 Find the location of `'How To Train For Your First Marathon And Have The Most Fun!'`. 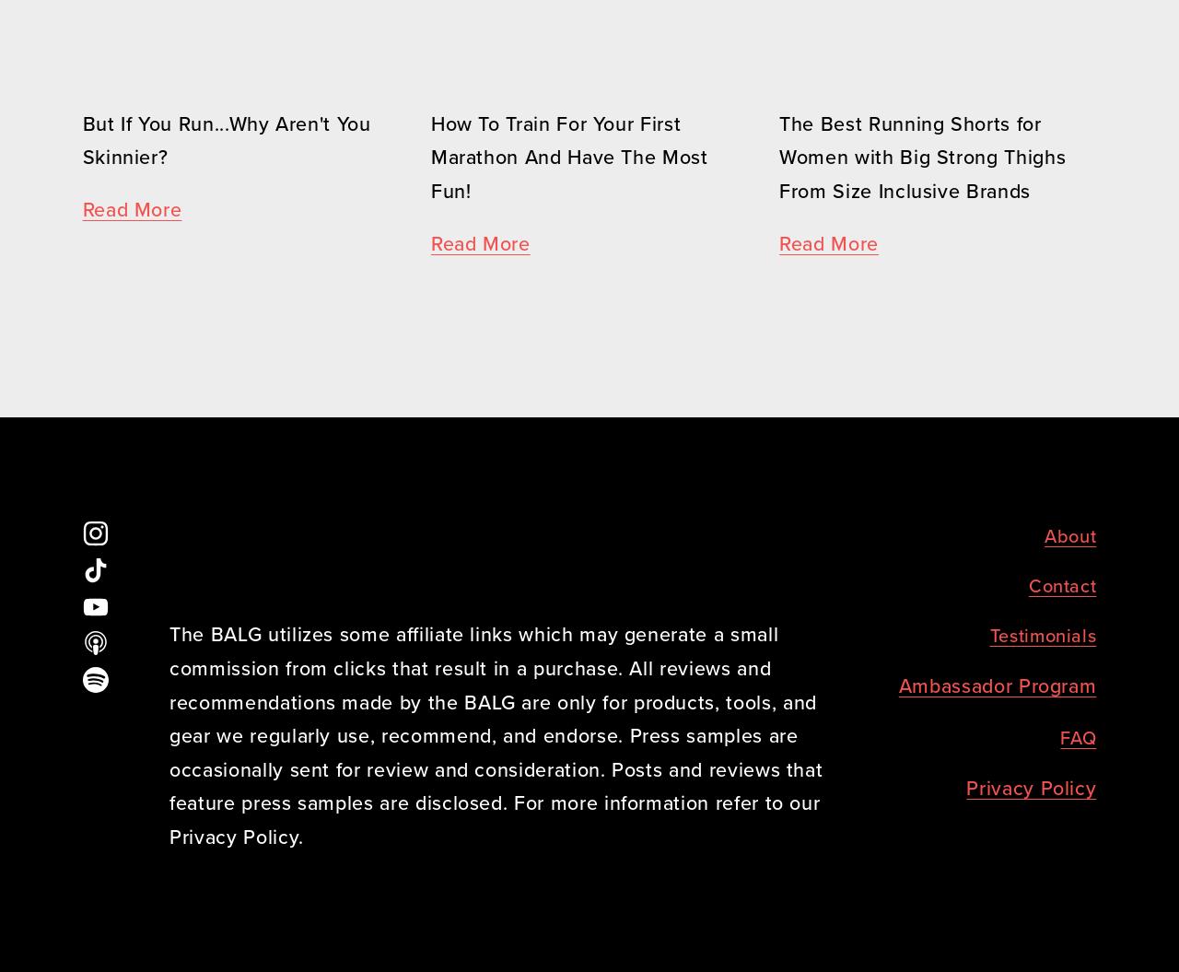

'How To Train For Your First Marathon And Have The Most Fun!' is located at coordinates (571, 157).